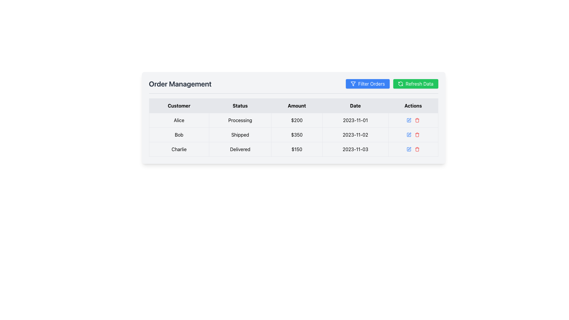 This screenshot has height=320, width=569. Describe the element at coordinates (355, 120) in the screenshot. I see `the date display cell in the data table that represents the date for the entry 'Alice - Processing - $200', located between the '$200' field and the actions column` at that location.